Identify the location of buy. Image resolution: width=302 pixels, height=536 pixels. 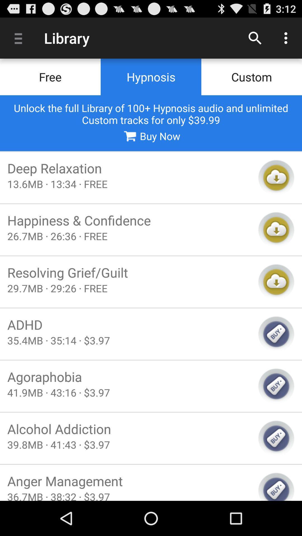
(276, 386).